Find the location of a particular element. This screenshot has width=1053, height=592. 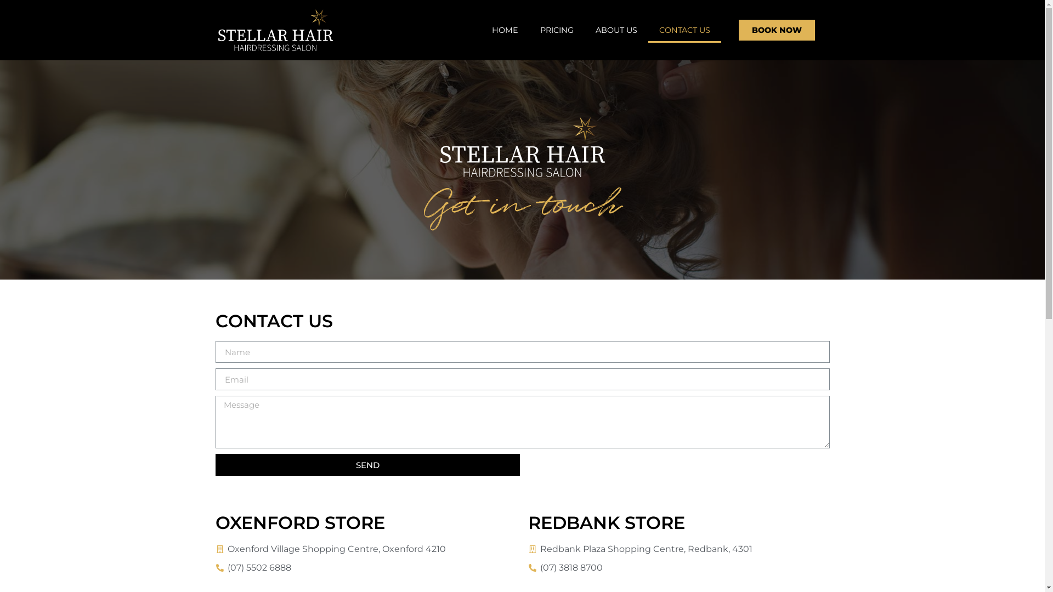

'SEND' is located at coordinates (367, 465).